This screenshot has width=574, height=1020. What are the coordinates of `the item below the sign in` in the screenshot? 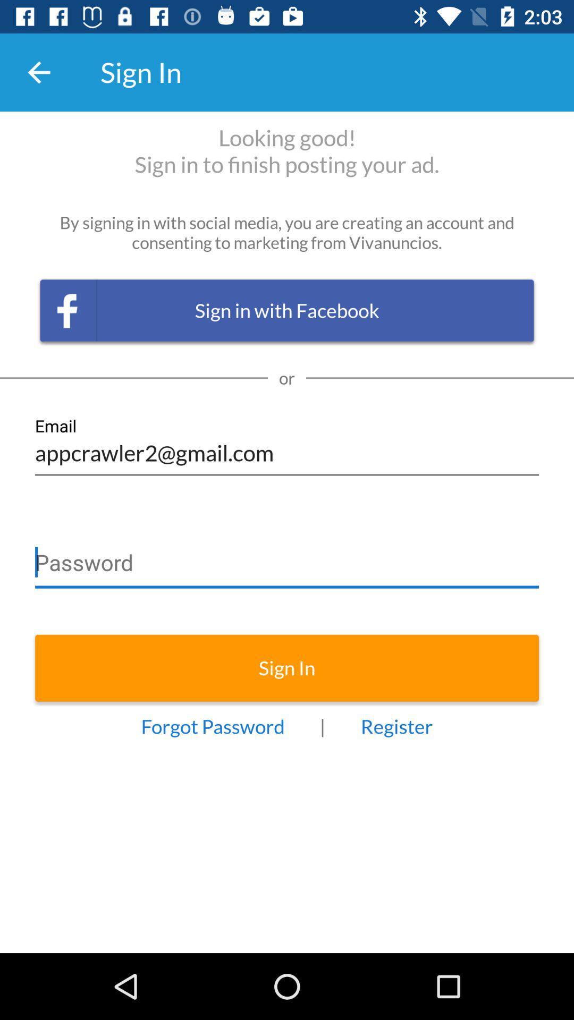 It's located at (213, 726).